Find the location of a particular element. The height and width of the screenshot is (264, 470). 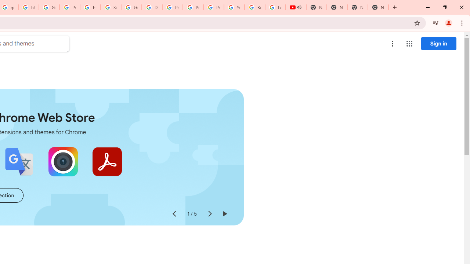

'Resume auto-play' is located at coordinates (224, 214).